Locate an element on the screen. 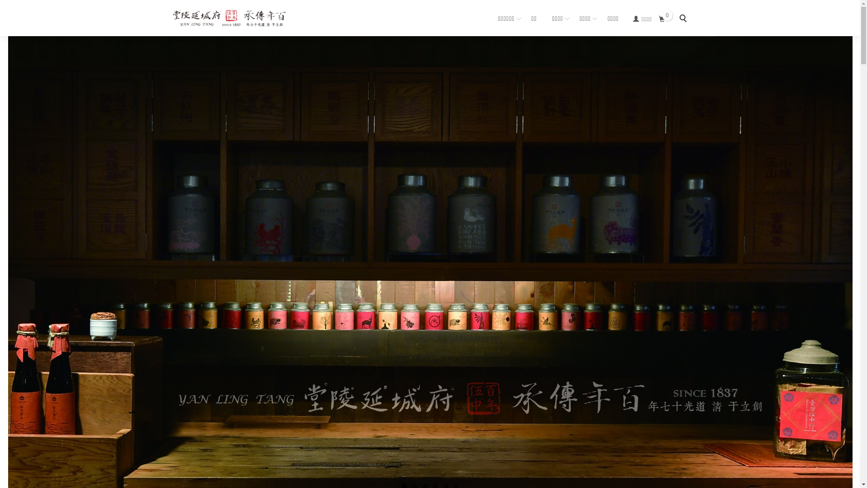  '0' is located at coordinates (662, 19).